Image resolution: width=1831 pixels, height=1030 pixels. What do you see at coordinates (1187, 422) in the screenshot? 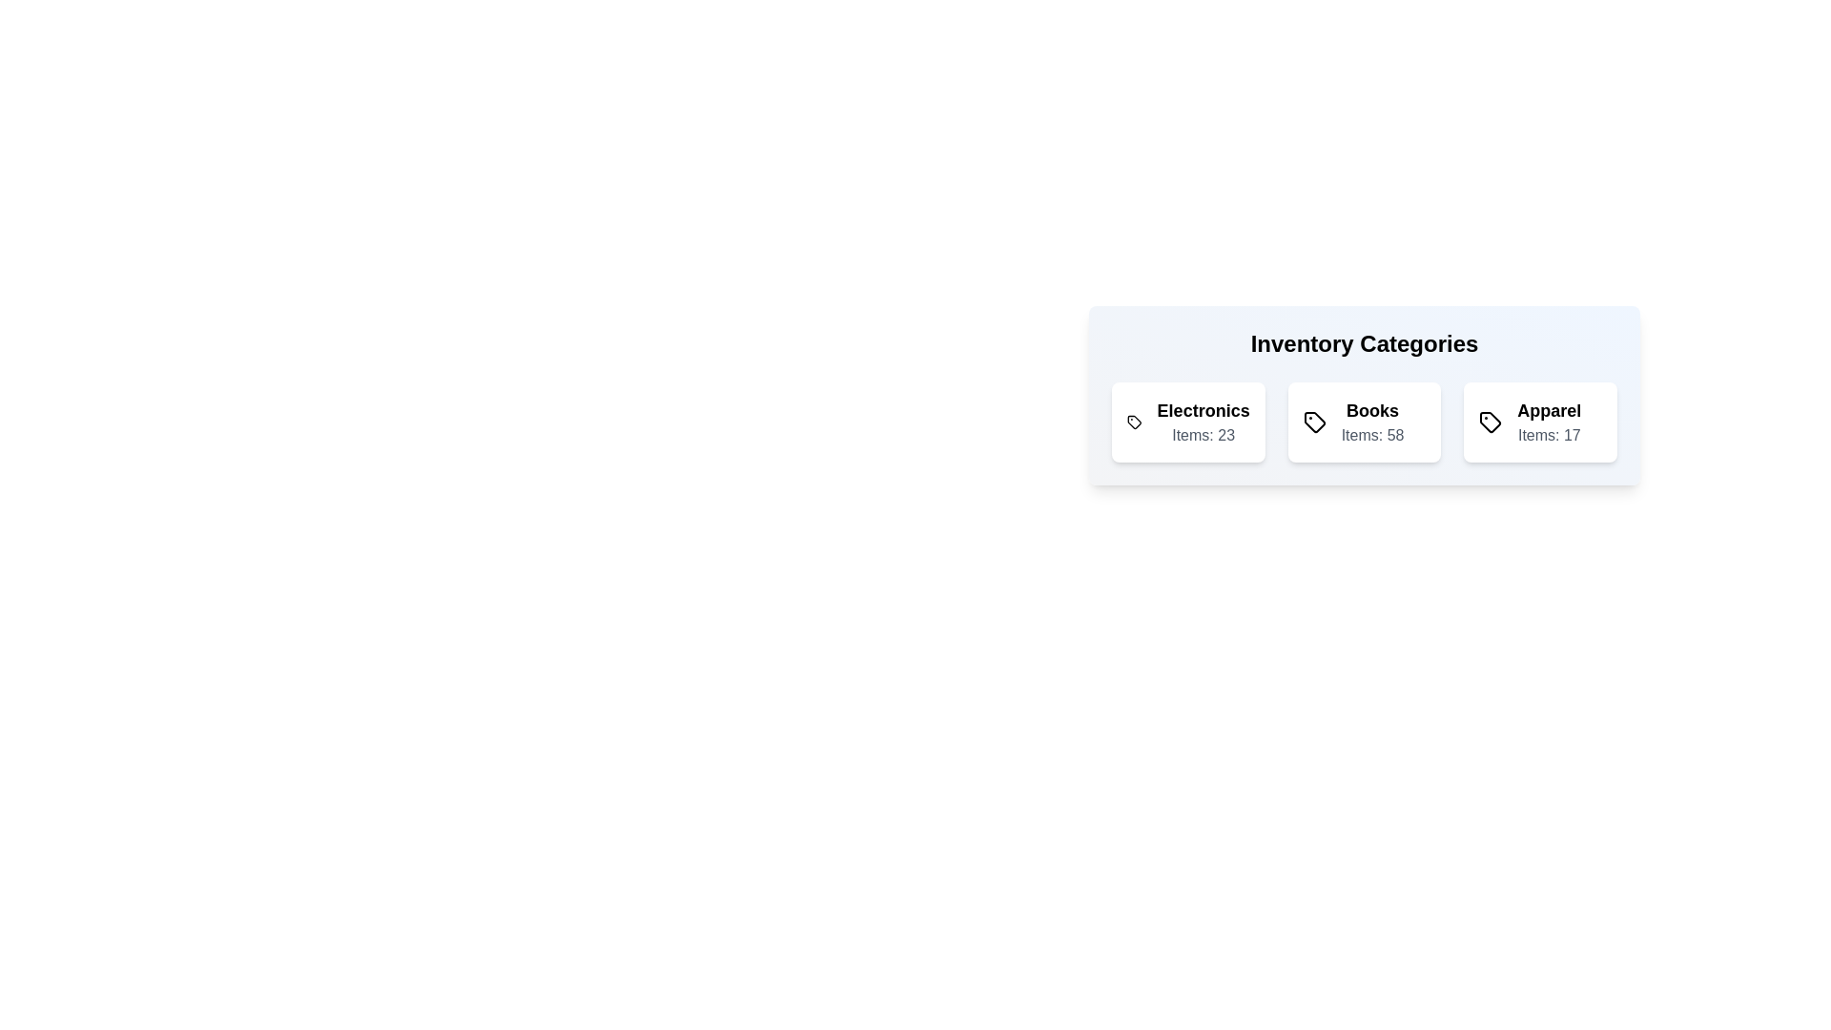
I see `the category card corresponding to Electronics` at bounding box center [1187, 422].